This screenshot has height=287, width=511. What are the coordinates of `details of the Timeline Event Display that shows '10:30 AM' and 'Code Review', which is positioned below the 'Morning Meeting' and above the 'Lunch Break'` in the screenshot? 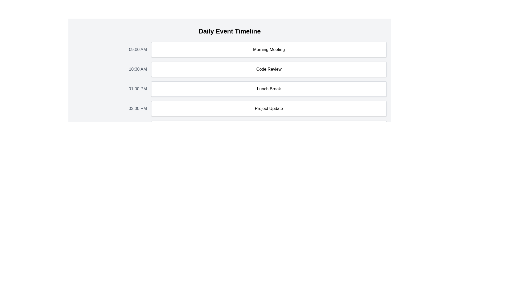 It's located at (230, 69).